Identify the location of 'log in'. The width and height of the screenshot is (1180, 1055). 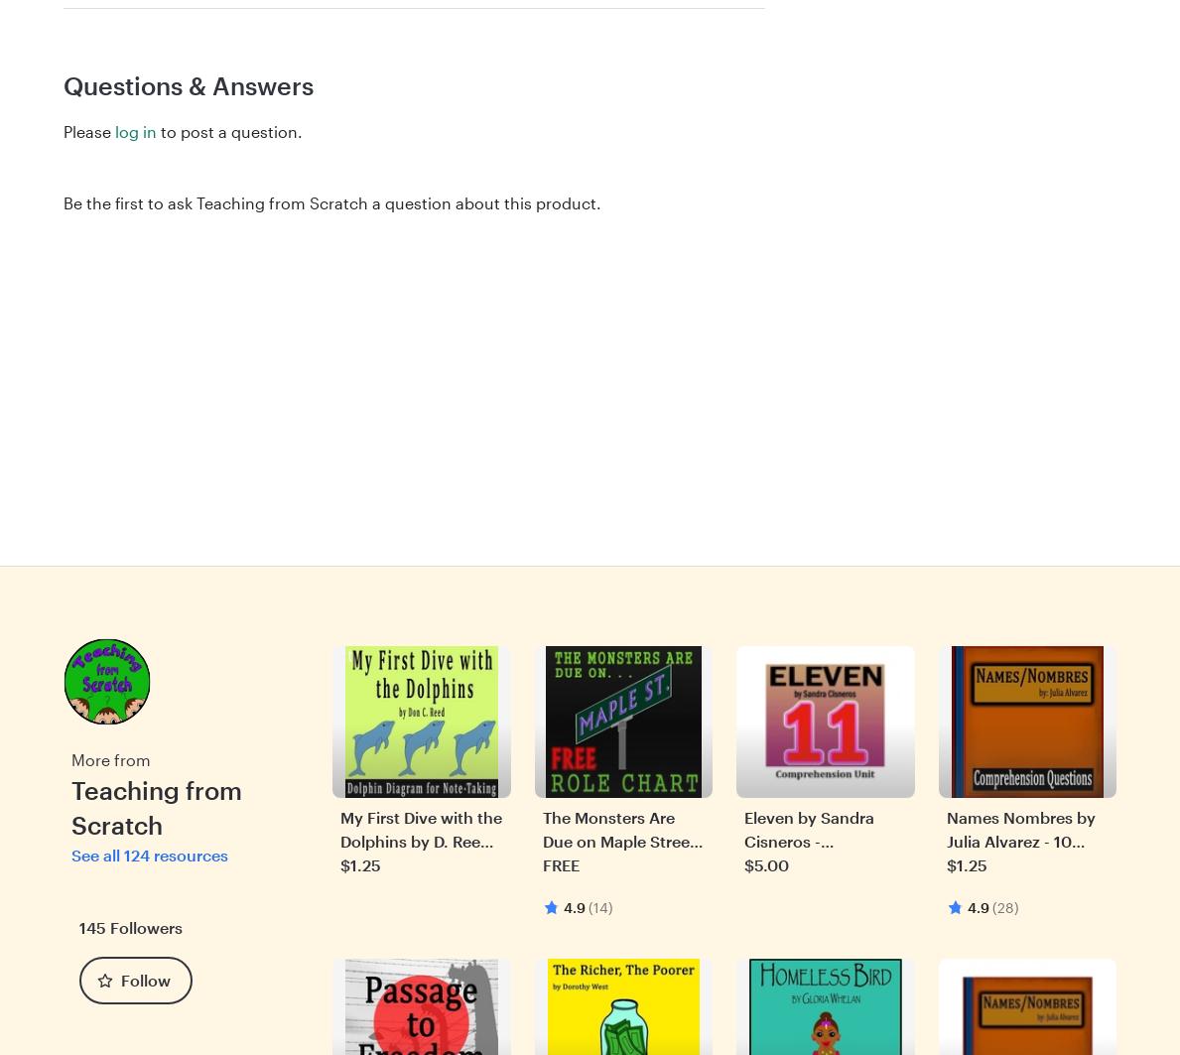
(134, 130).